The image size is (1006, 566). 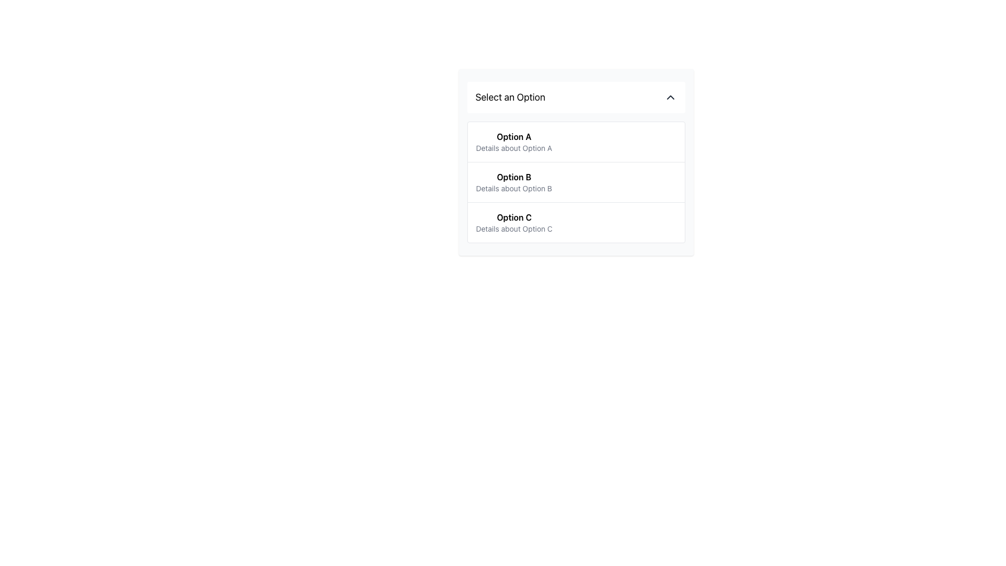 What do you see at coordinates (514, 228) in the screenshot?
I see `the text label that reads 'Details about Option C' located under the title 'Option C' in the dropdown menu` at bounding box center [514, 228].